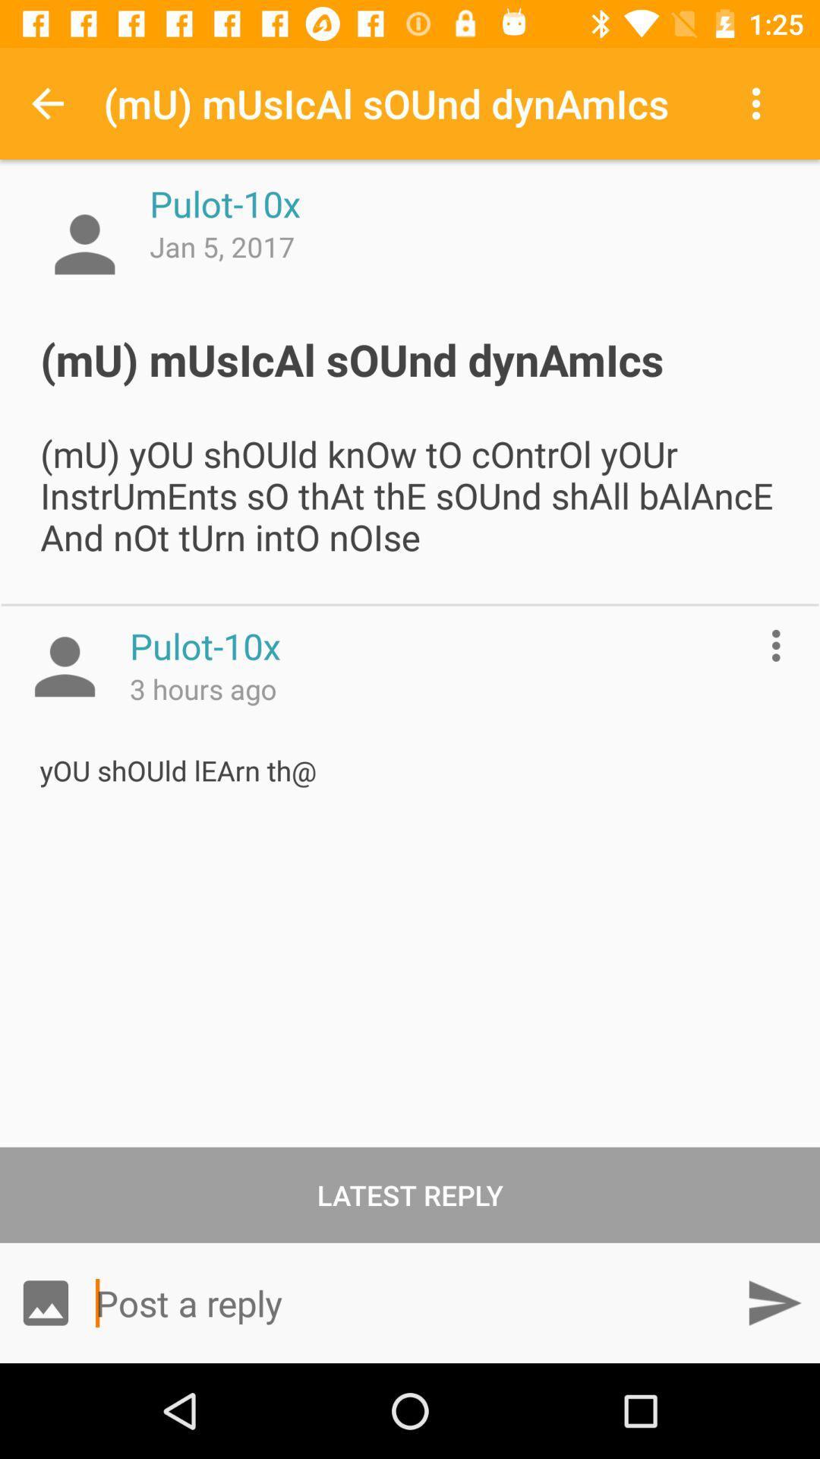 This screenshot has width=820, height=1459. Describe the element at coordinates (45, 1302) in the screenshot. I see `post photo` at that location.